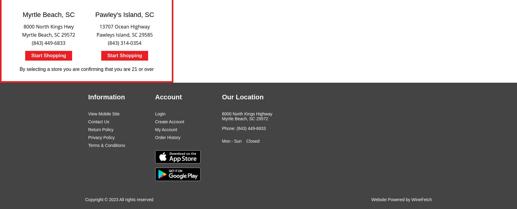  I want to click on '13707 Ocean Highway', so click(124, 26).